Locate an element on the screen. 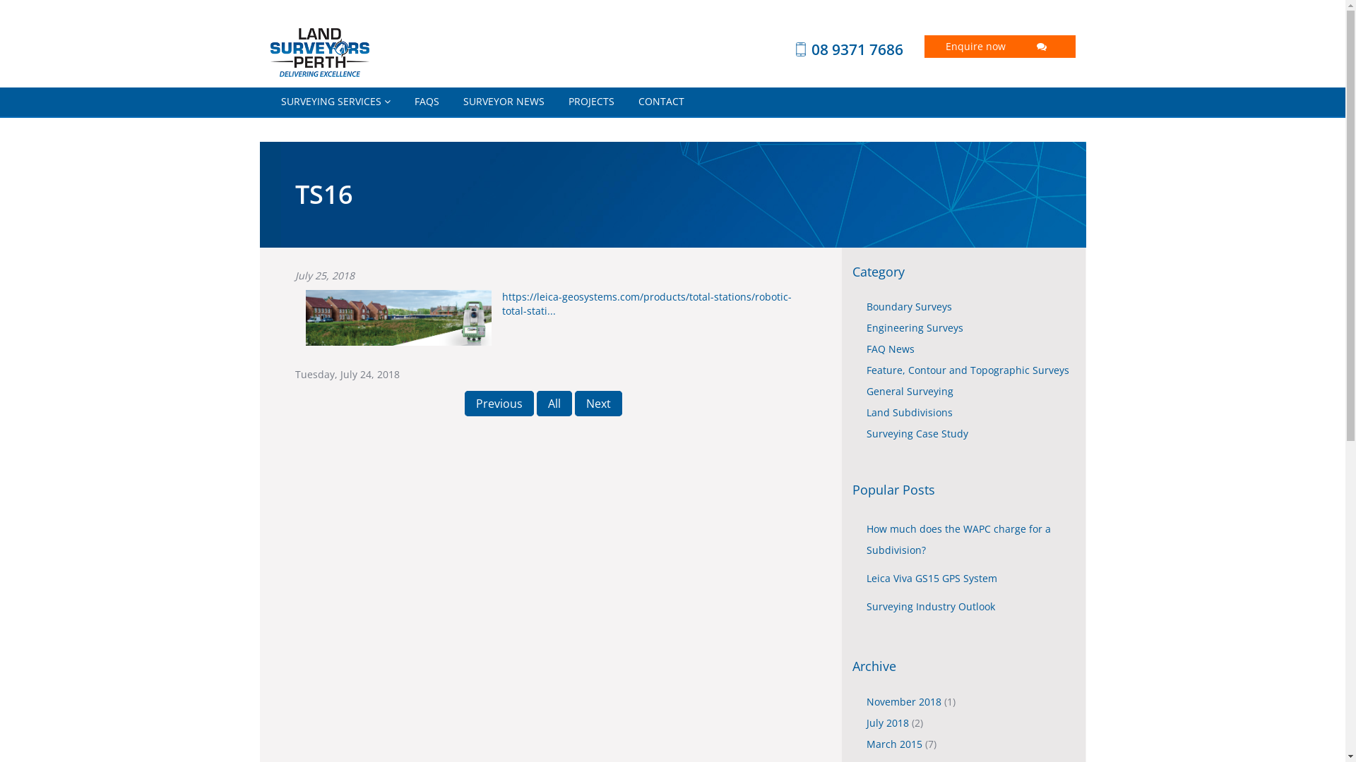 Image resolution: width=1356 pixels, height=762 pixels. 'All' is located at coordinates (535, 403).